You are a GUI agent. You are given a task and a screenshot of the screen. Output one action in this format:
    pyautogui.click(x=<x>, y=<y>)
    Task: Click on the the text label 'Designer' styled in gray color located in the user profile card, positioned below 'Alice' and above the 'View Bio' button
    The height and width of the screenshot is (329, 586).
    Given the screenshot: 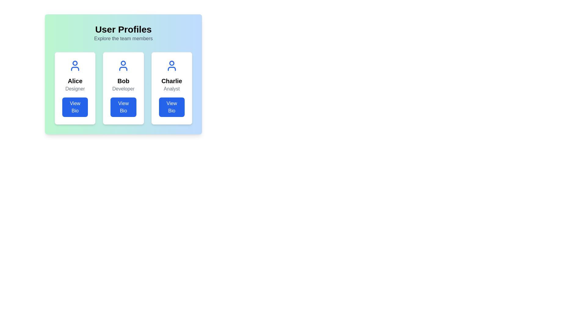 What is the action you would take?
    pyautogui.click(x=75, y=89)
    